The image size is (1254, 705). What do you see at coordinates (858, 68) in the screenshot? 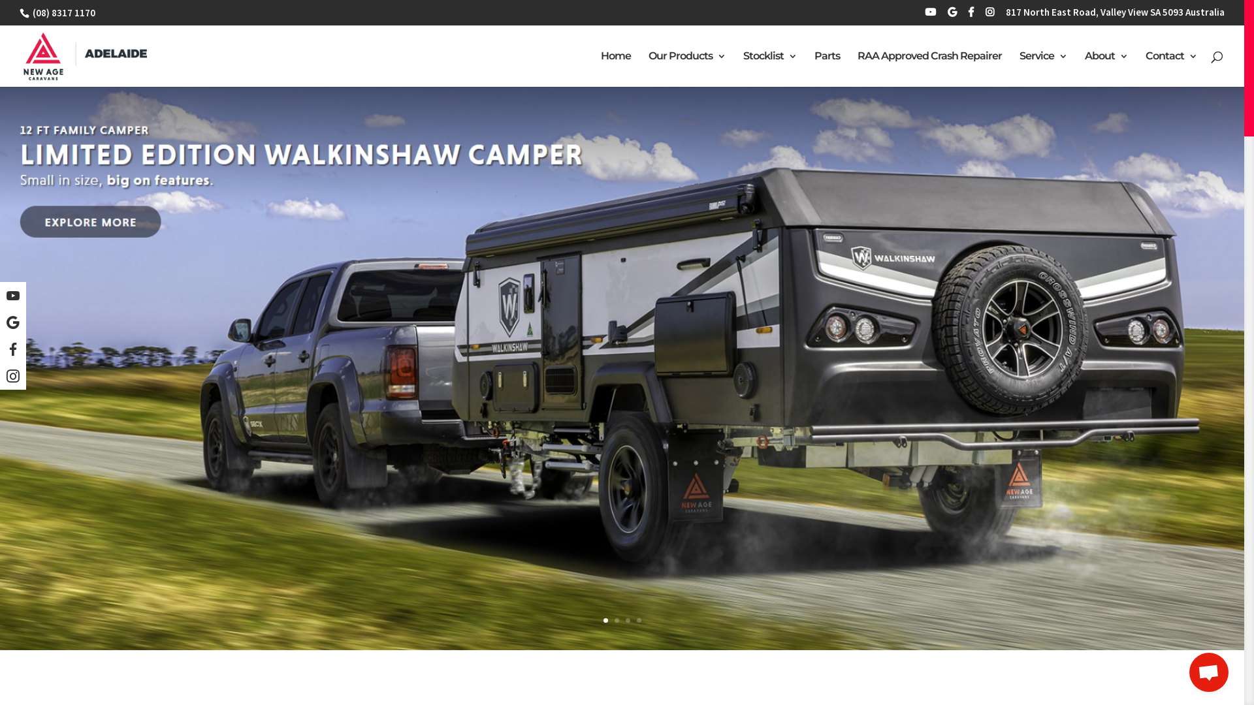
I see `'RAA Approved Crash Repairer'` at bounding box center [858, 68].